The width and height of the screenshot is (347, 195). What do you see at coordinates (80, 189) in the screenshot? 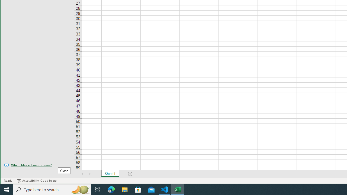
I see `'Search highlights icon opens search home window'` at bounding box center [80, 189].